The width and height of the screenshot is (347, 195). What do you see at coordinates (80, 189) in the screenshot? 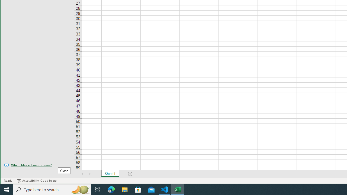
I see `'Search highlights icon opens search home window'` at bounding box center [80, 189].